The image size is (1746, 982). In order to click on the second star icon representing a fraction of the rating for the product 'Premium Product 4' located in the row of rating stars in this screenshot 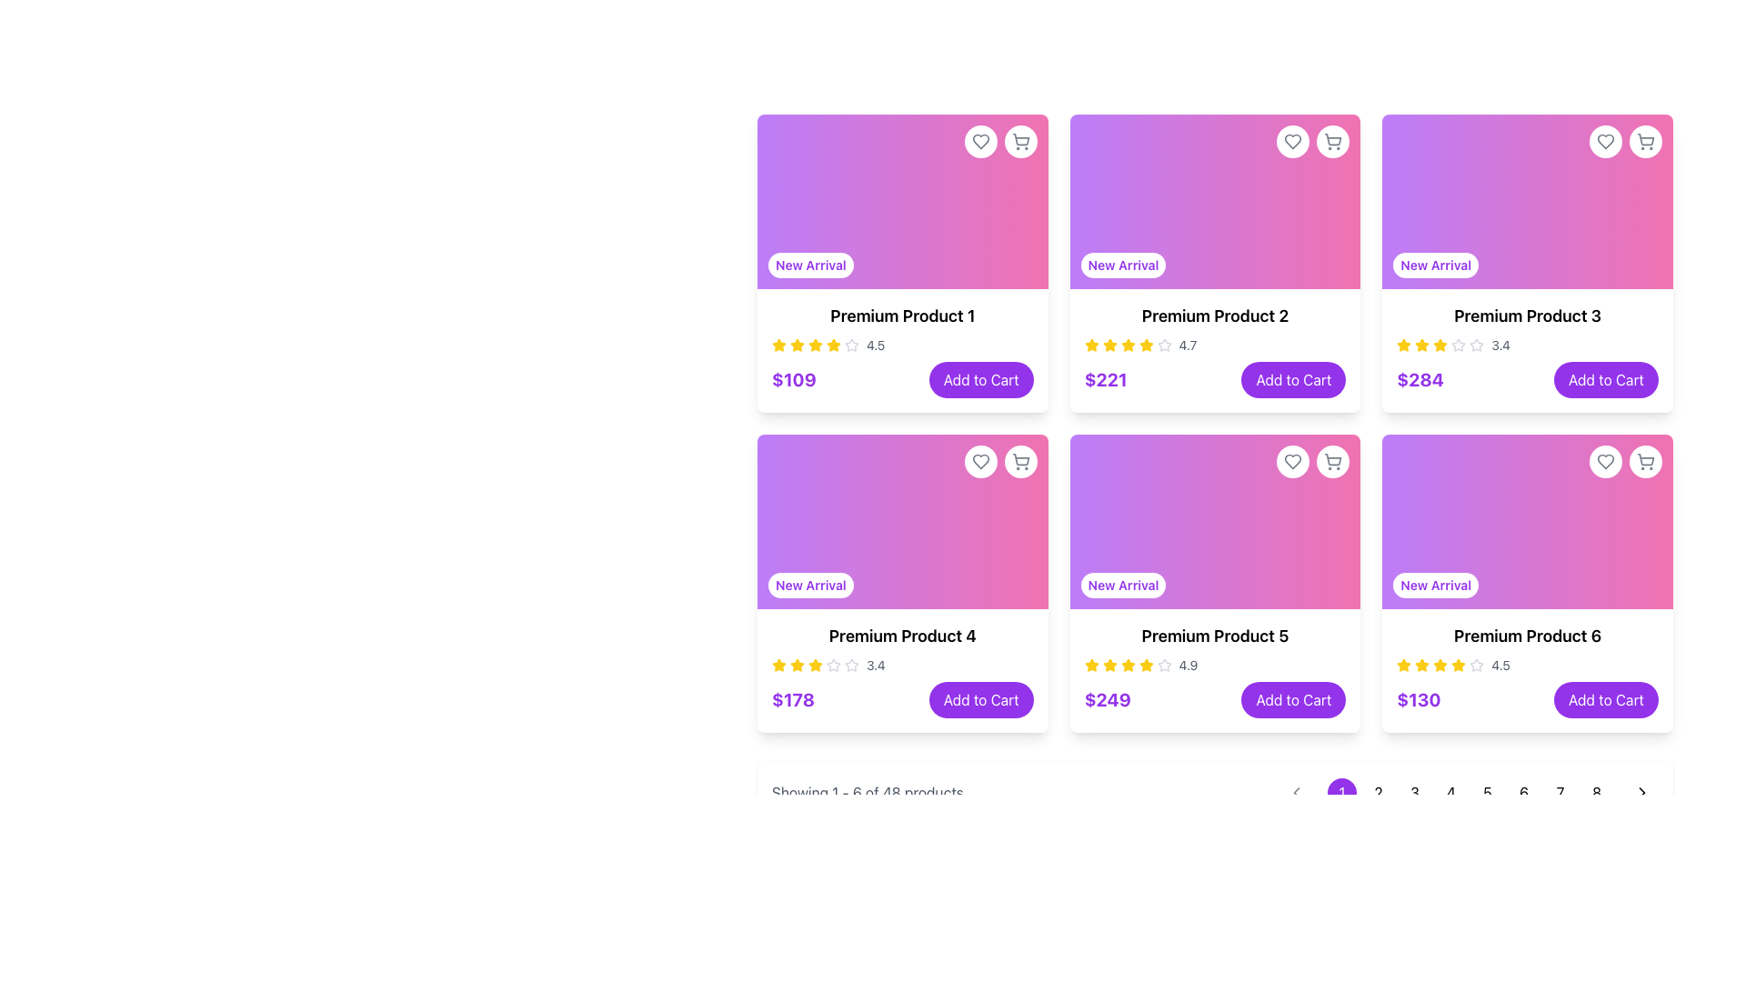, I will do `click(815, 665)`.